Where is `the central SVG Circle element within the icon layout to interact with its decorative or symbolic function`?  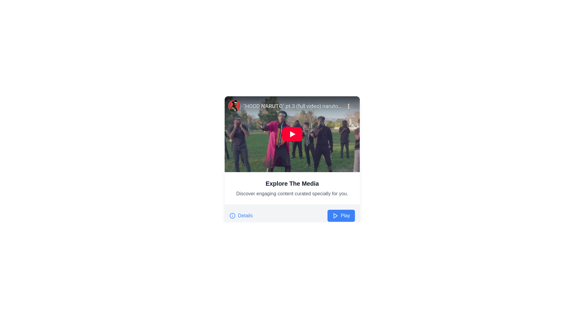 the central SVG Circle element within the icon layout to interact with its decorative or symbolic function is located at coordinates (232, 215).